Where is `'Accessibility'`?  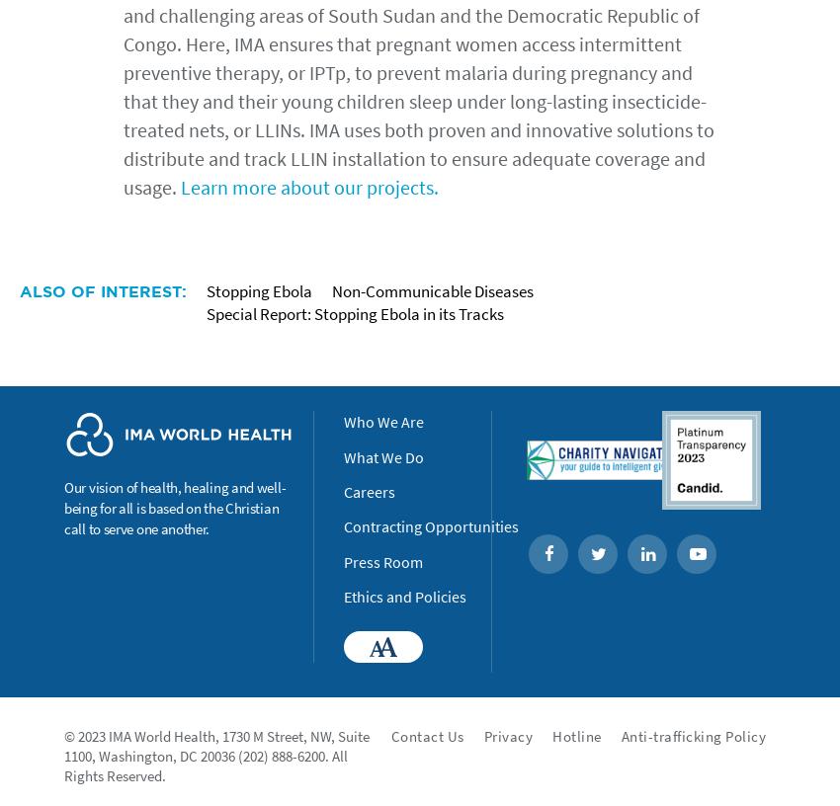 'Accessibility' is located at coordinates (463, 654).